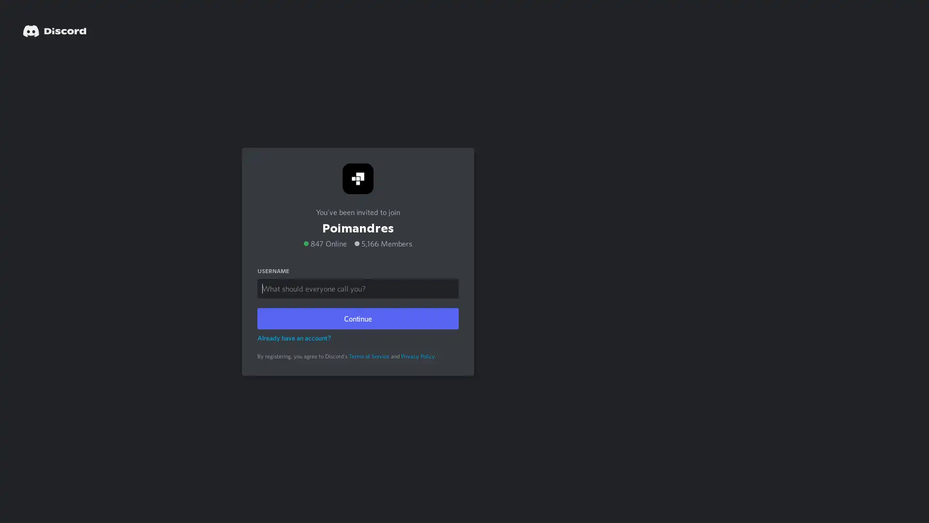 Image resolution: width=929 pixels, height=523 pixels. What do you see at coordinates (294, 337) in the screenshot?
I see `Already have an account?` at bounding box center [294, 337].